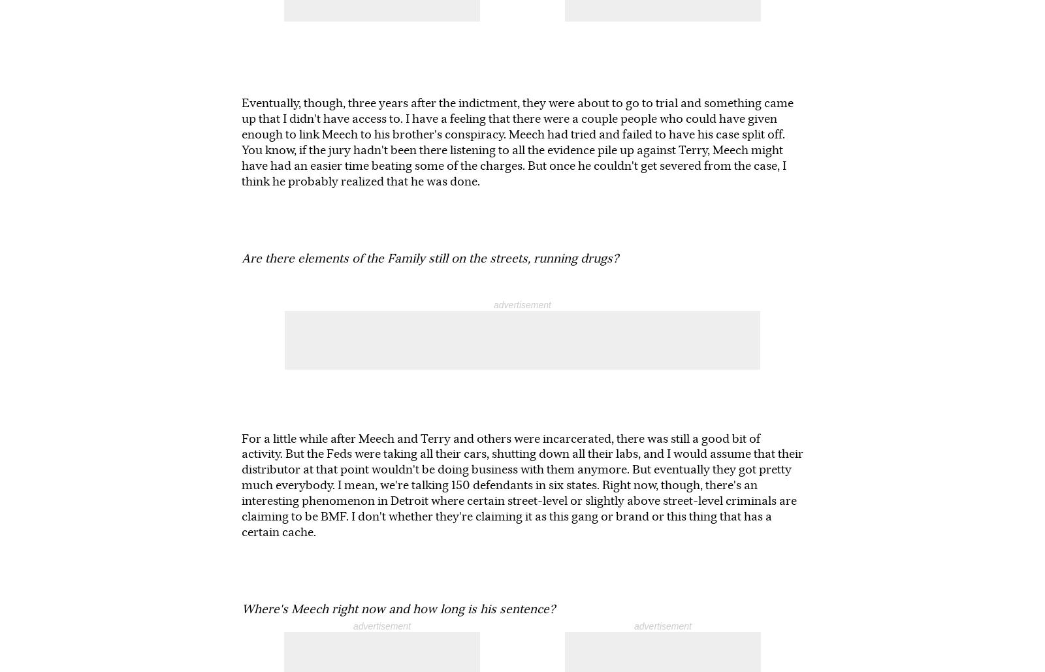  Describe the element at coordinates (515, 440) in the screenshot. I see `'He's in Jessup, Georgia between Atlanta and Savannah in a federal prison. And he's on year 5 or 6 of a 30 year sentence.'` at that location.